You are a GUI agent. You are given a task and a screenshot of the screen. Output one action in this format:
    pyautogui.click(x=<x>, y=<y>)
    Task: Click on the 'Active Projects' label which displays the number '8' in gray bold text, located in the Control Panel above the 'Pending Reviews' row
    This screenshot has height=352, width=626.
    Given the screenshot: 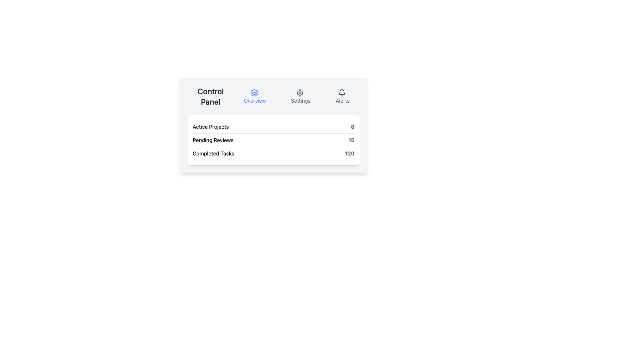 What is the action you would take?
    pyautogui.click(x=274, y=127)
    